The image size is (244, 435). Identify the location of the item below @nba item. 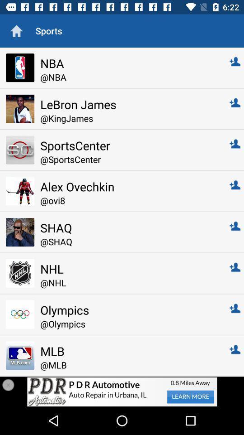
(128, 104).